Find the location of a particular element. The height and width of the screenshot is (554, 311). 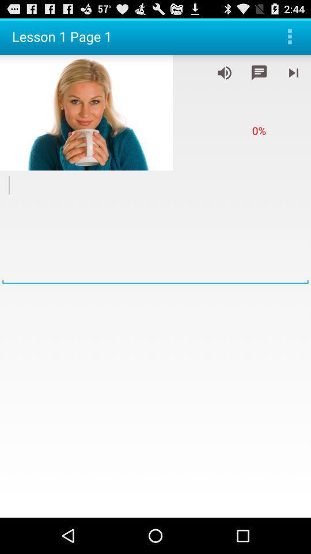

the volume icon is located at coordinates (224, 77).